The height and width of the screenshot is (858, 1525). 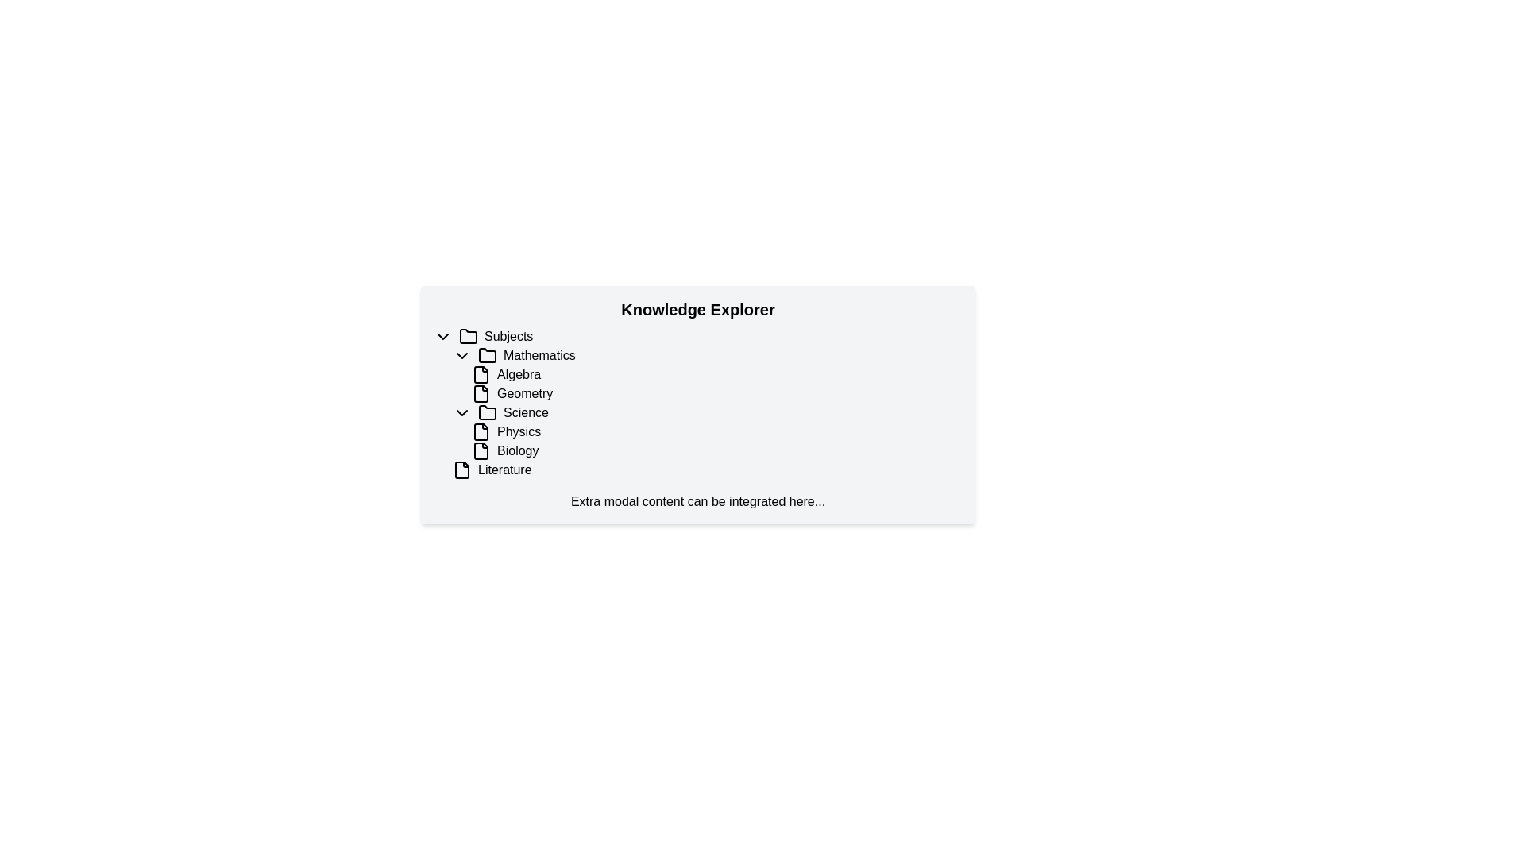 I want to click on the folder icon associated with the 'Mathematics' category in the 'Knowledge Explorer' panel, so click(x=487, y=354).